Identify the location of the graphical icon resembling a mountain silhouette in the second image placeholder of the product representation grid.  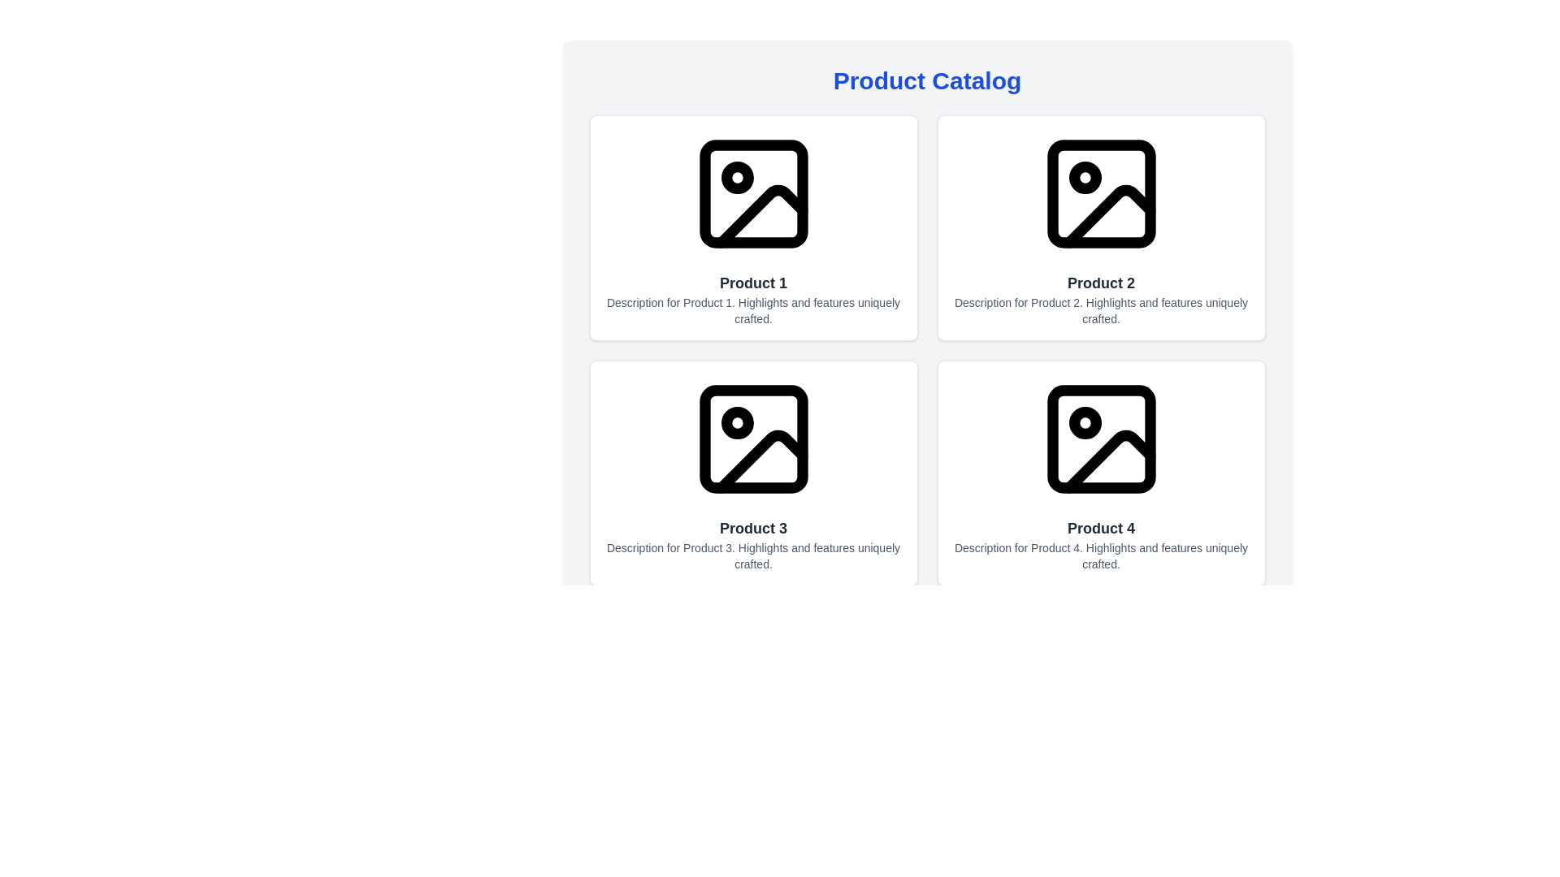
(1108, 215).